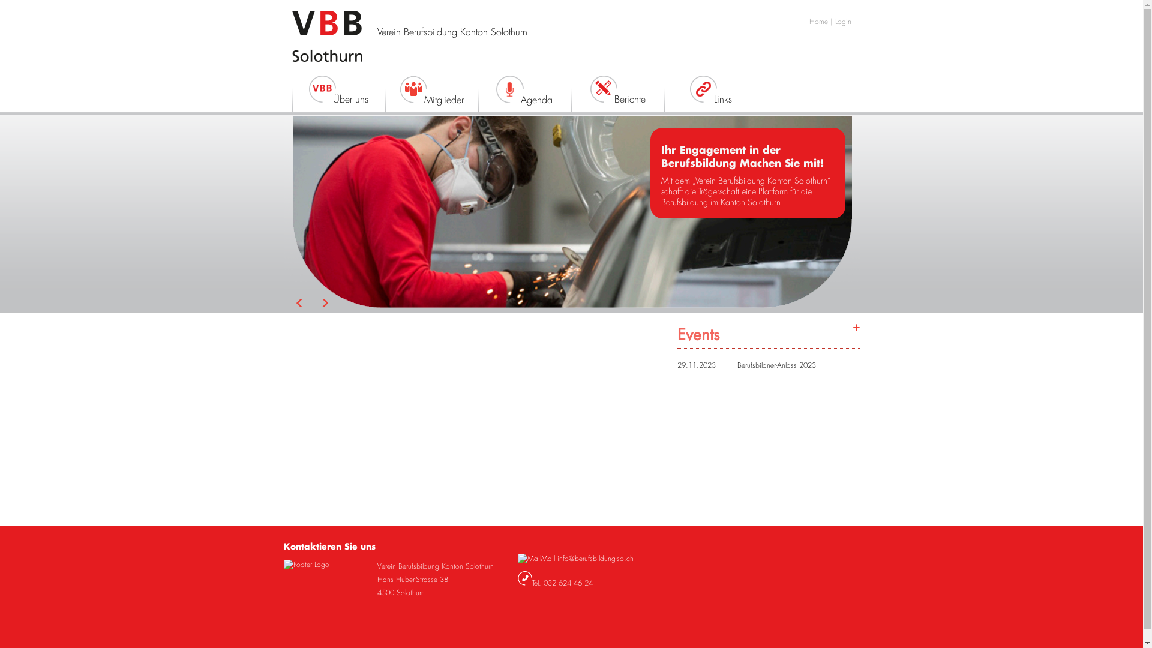 The height and width of the screenshot is (648, 1152). Describe the element at coordinates (617, 94) in the screenshot. I see `'Berichte'` at that location.